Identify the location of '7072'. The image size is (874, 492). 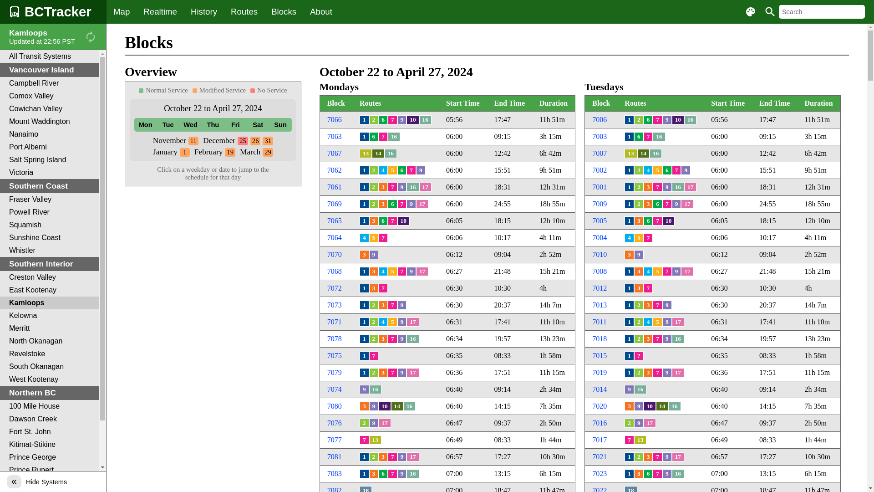
(334, 288).